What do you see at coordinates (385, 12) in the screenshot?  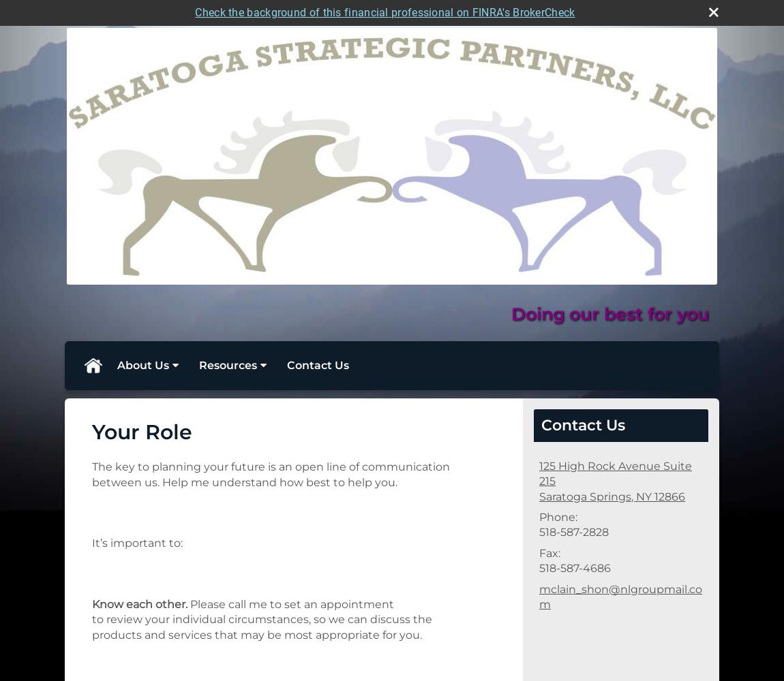 I see `'Check the background of this financial professional on FINRA's BrokerCheck'` at bounding box center [385, 12].